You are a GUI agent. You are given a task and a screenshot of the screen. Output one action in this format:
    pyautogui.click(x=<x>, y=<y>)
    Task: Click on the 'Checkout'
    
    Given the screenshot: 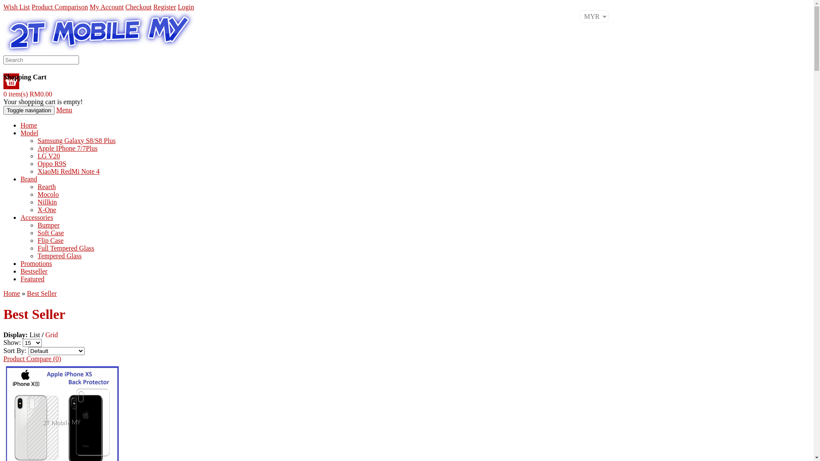 What is the action you would take?
    pyautogui.click(x=138, y=7)
    